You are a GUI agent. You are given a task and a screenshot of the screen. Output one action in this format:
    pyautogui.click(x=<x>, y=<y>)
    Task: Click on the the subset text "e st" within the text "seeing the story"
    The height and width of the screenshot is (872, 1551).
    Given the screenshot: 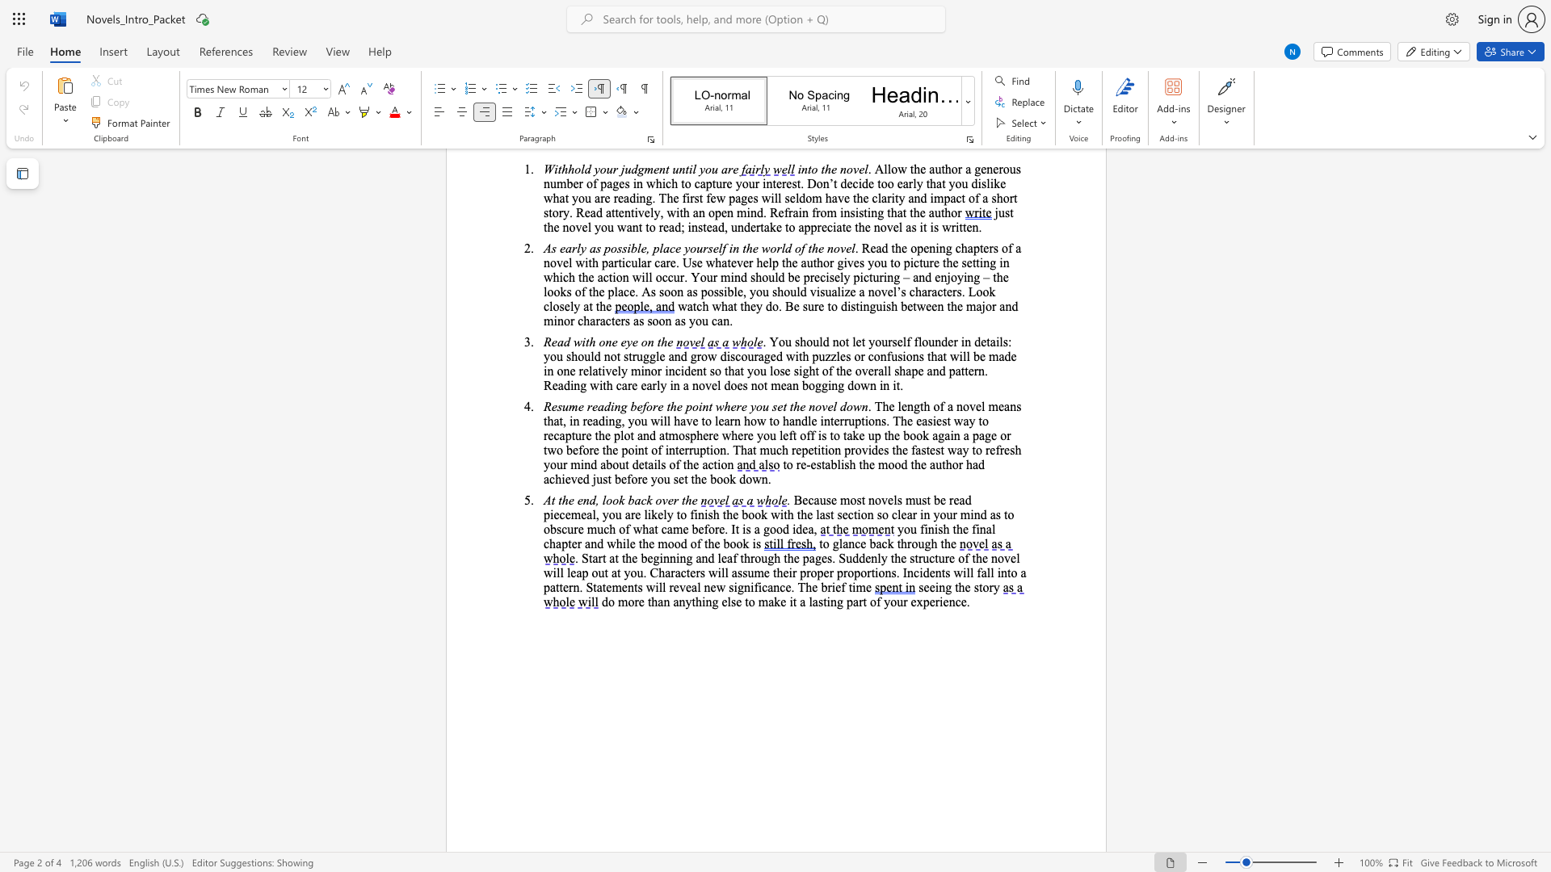 What is the action you would take?
    pyautogui.click(x=965, y=587)
    